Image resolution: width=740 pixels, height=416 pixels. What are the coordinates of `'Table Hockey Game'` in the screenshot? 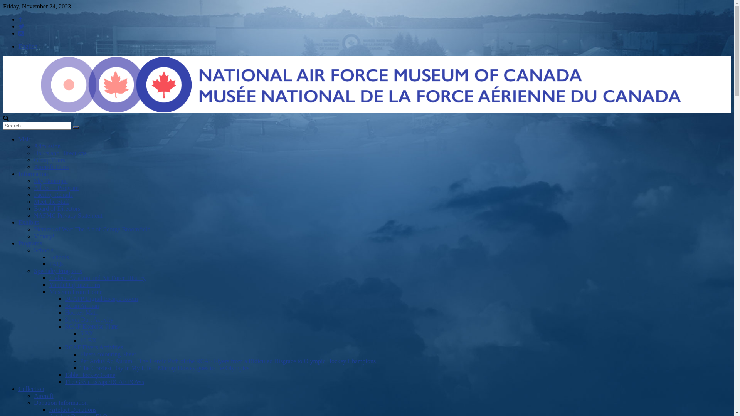 It's located at (90, 374).